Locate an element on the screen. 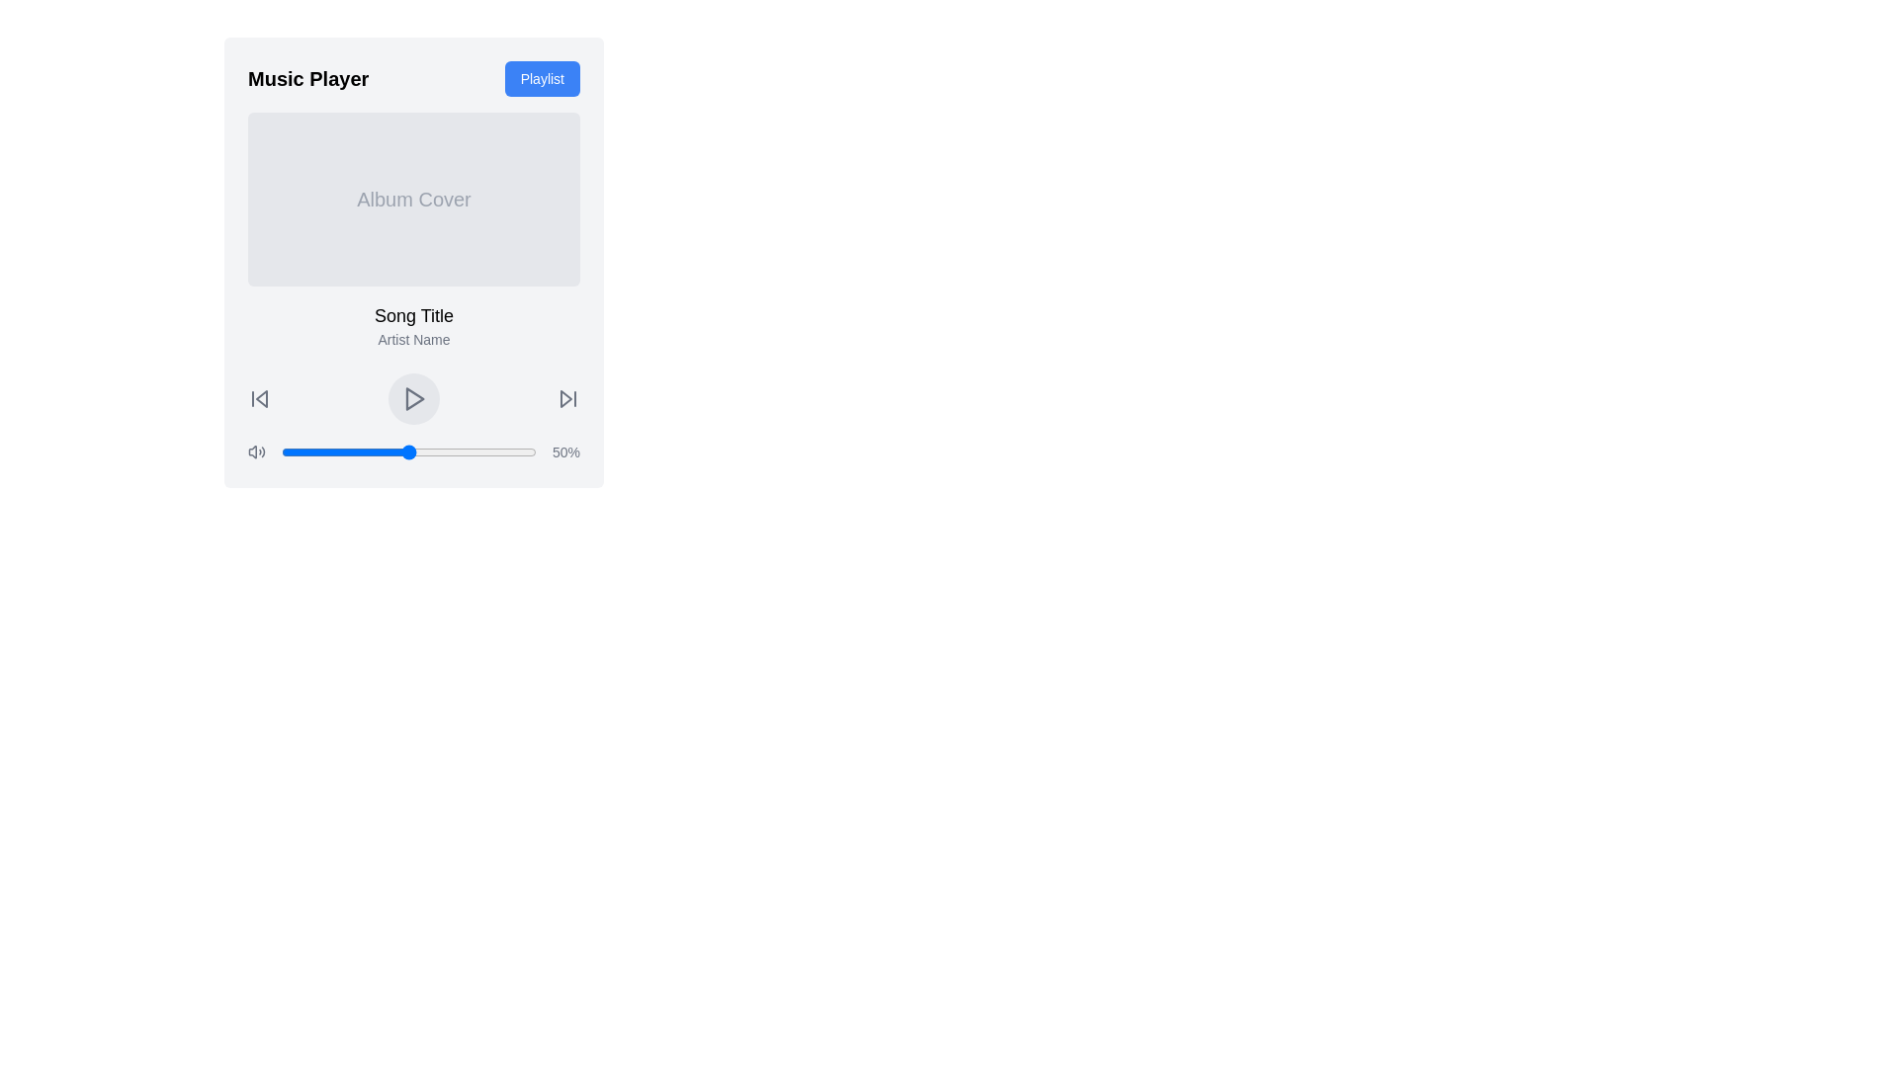 Image resolution: width=1898 pixels, height=1067 pixels. the forward skip icon located at the bottom right of the music player interface, adjacent to other audio control symbols is located at coordinates (564, 399).